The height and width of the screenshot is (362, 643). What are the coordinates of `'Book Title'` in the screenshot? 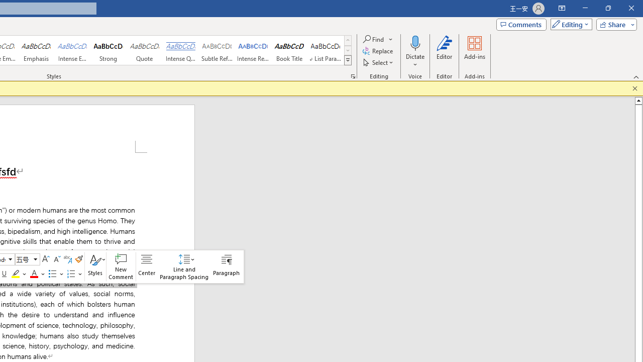 It's located at (289, 50).